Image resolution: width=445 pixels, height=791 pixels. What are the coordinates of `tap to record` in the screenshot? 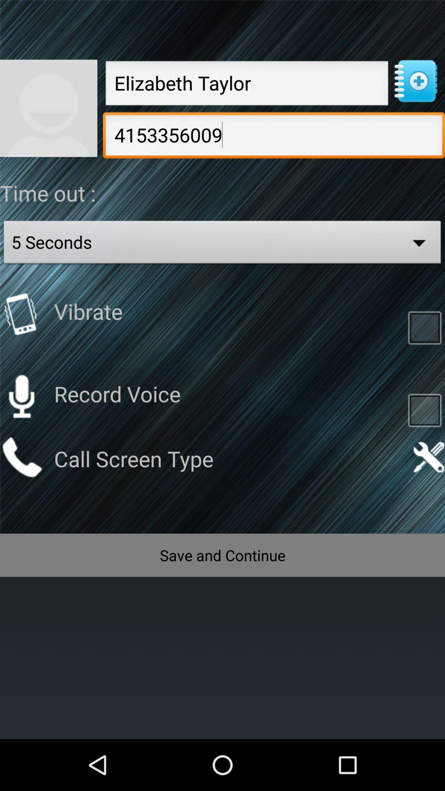 It's located at (424, 410).